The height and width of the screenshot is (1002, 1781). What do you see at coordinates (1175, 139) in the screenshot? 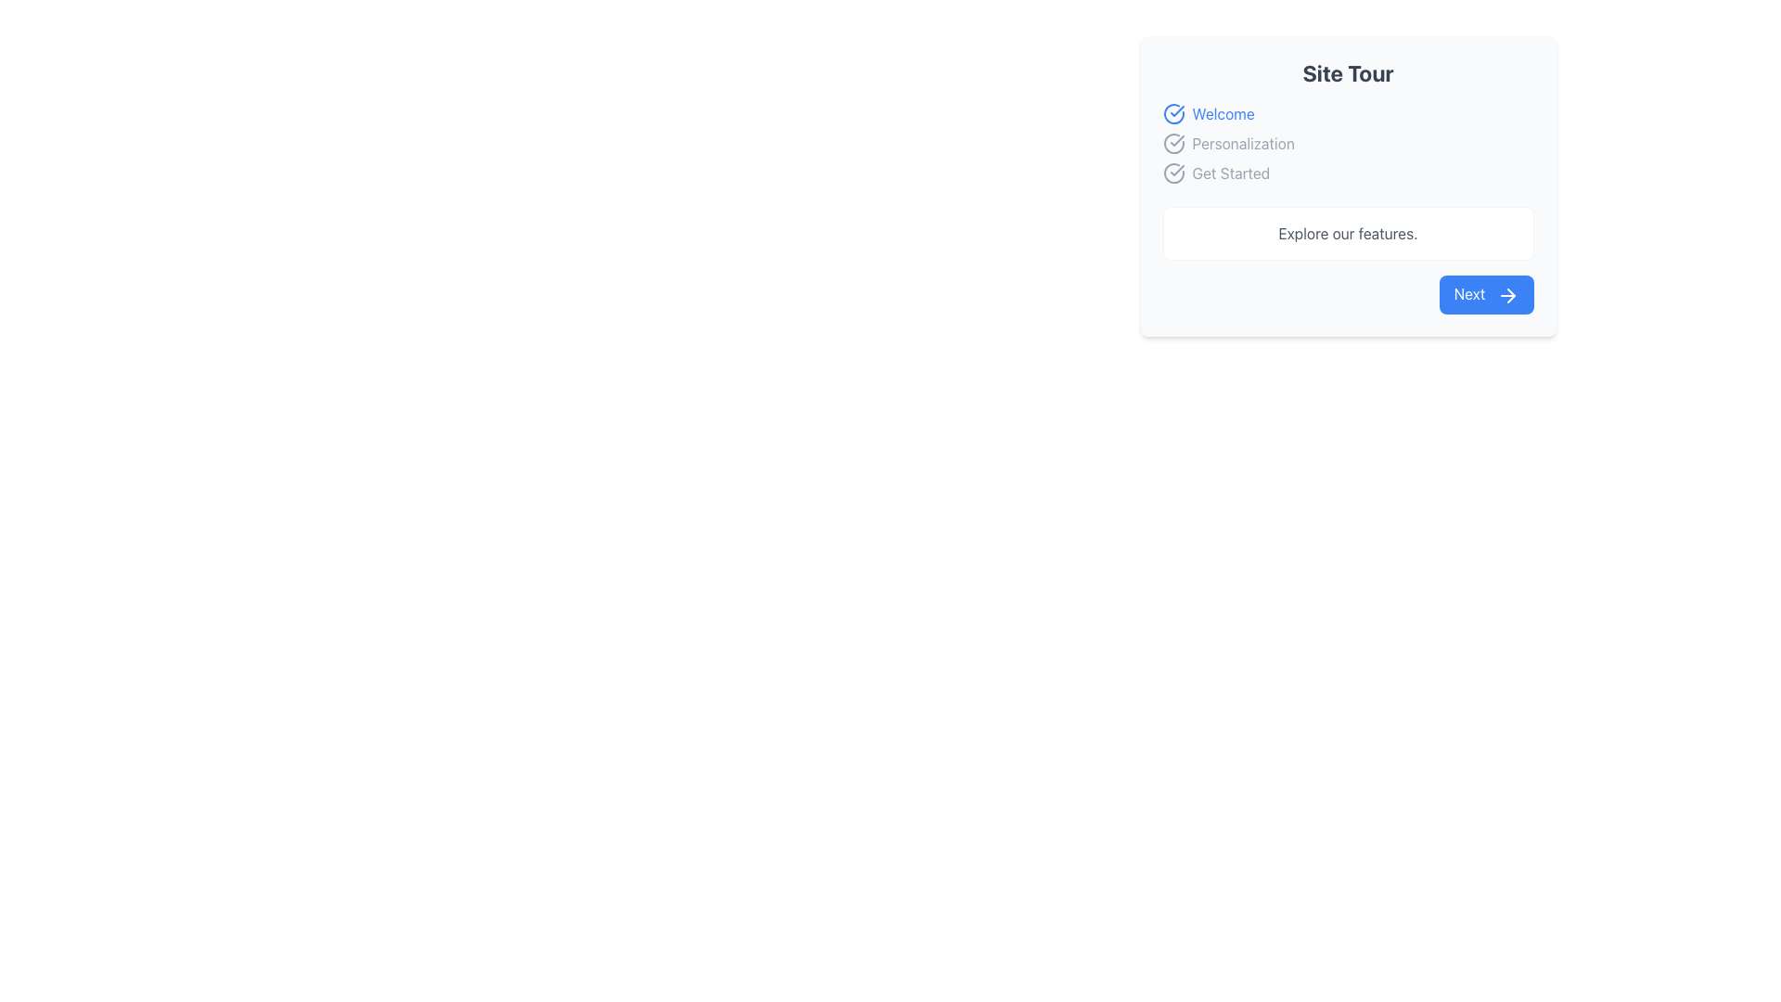
I see `the checkmark icon, which is a minimalistic SVG design indicating confirmation, located next to the 'Personalization' label in the site tour interface` at bounding box center [1175, 139].